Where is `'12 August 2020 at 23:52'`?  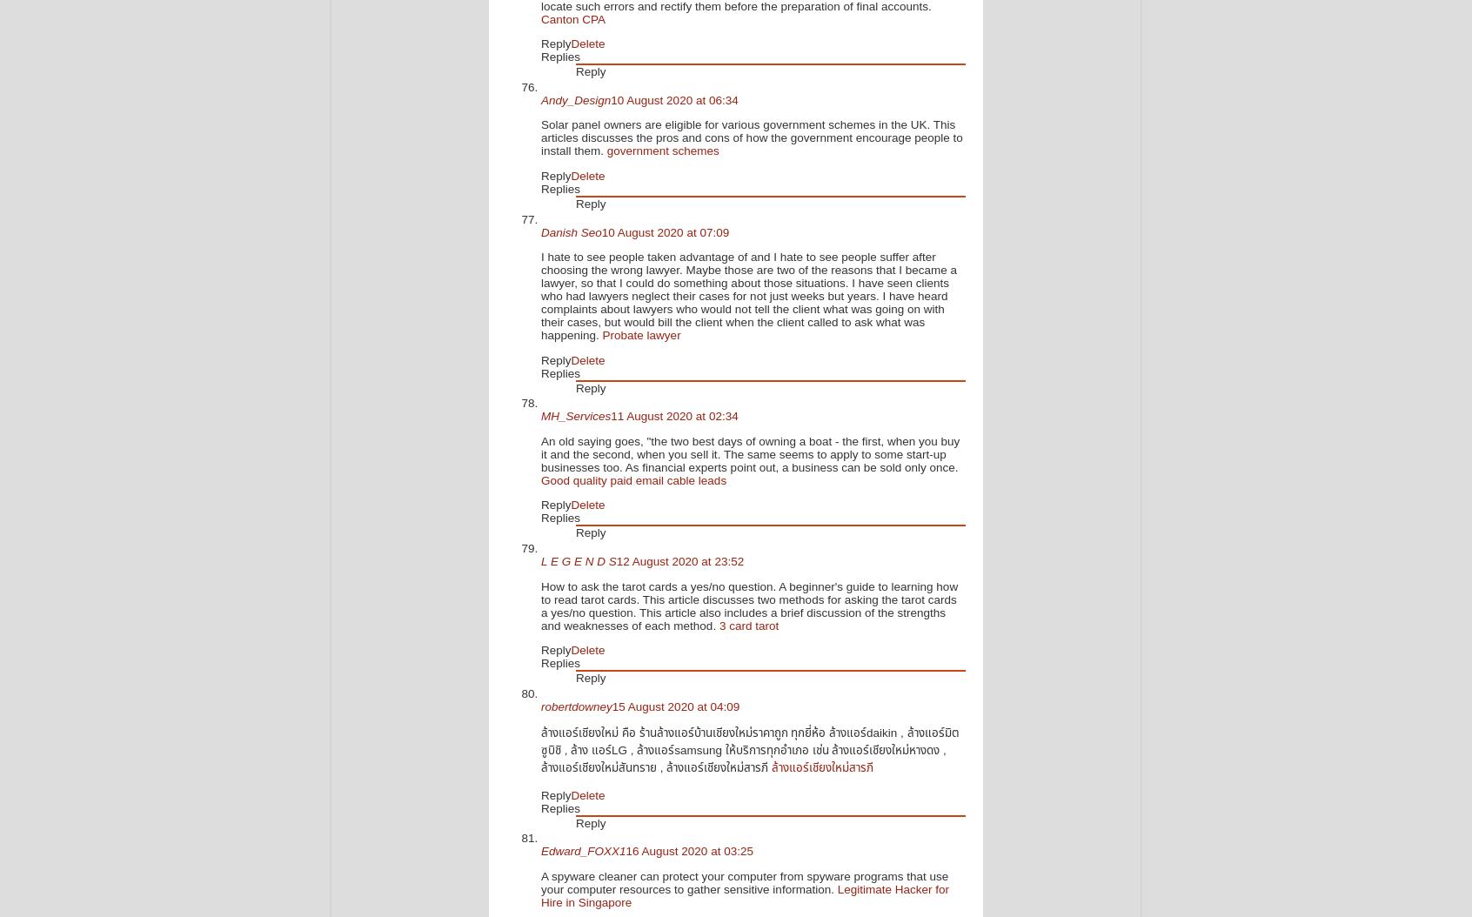
'12 August 2020 at 23:52' is located at coordinates (679, 561).